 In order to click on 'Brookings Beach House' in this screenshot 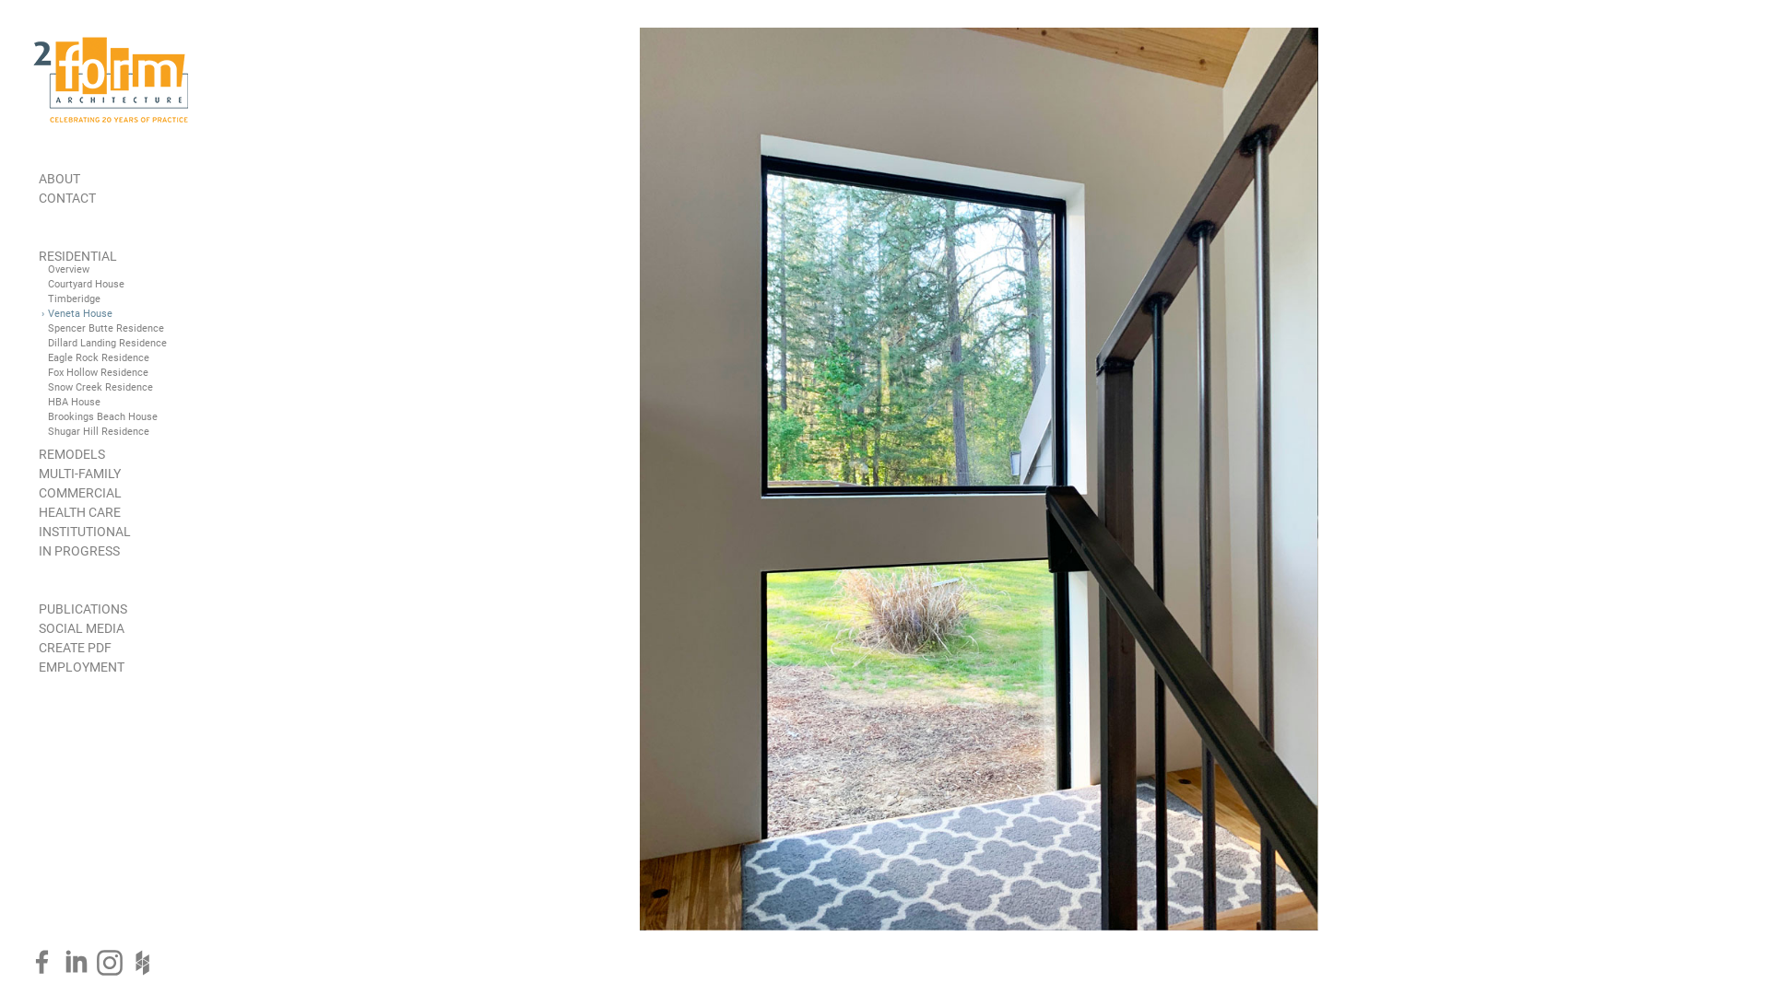, I will do `click(101, 416)`.